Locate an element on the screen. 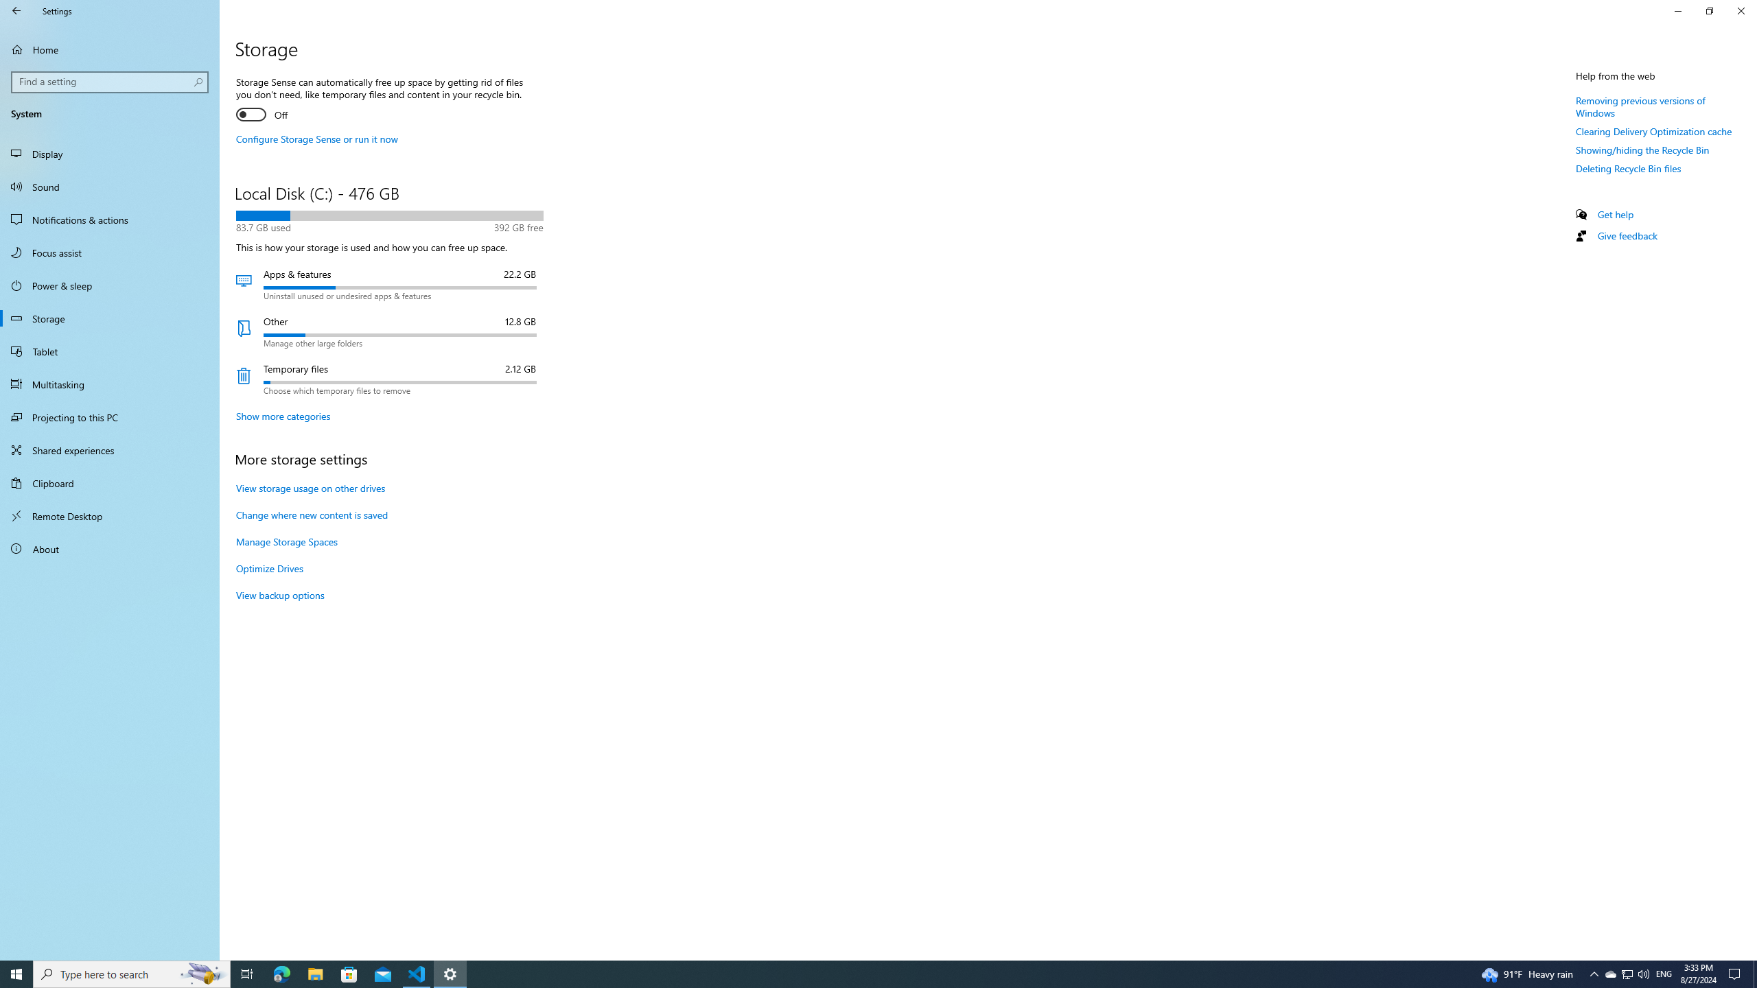 Image resolution: width=1757 pixels, height=988 pixels. 'Removing previous versions of Windows' is located at coordinates (1640, 105).